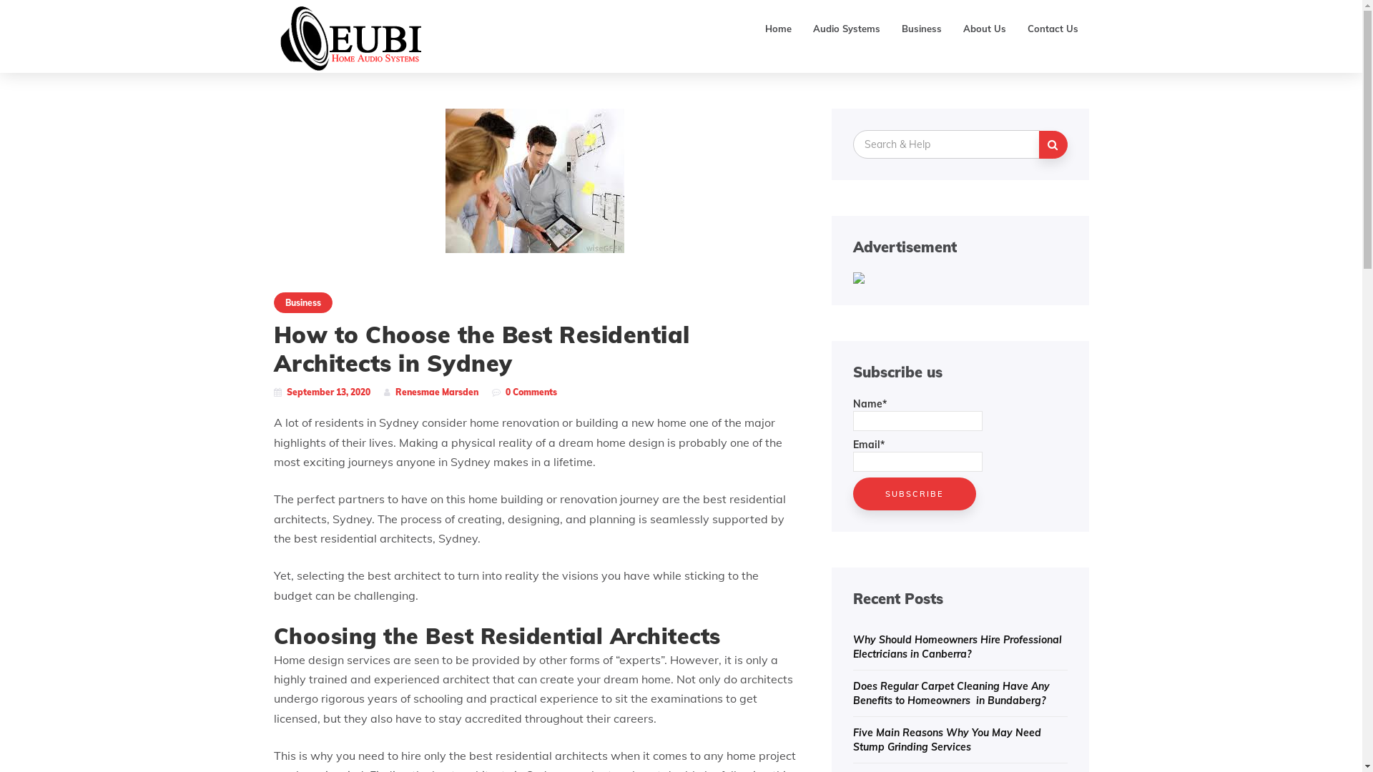 This screenshot has height=772, width=1373. I want to click on 'Search', so click(1053, 144).